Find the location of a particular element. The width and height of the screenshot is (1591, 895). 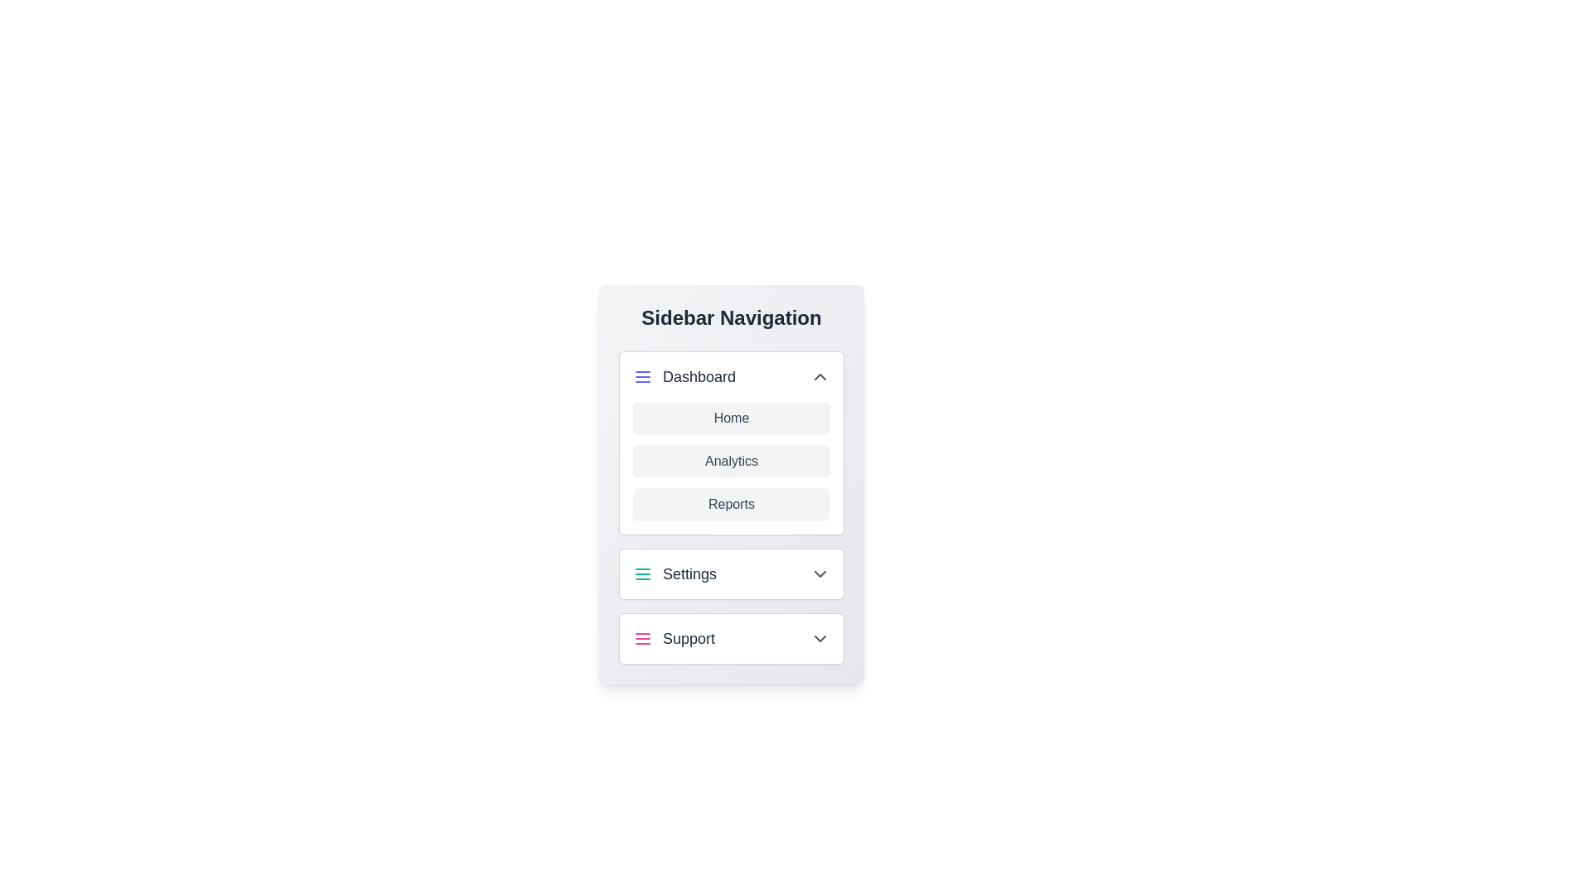

the 'Support' button in the sidebar navigation is located at coordinates (674, 638).